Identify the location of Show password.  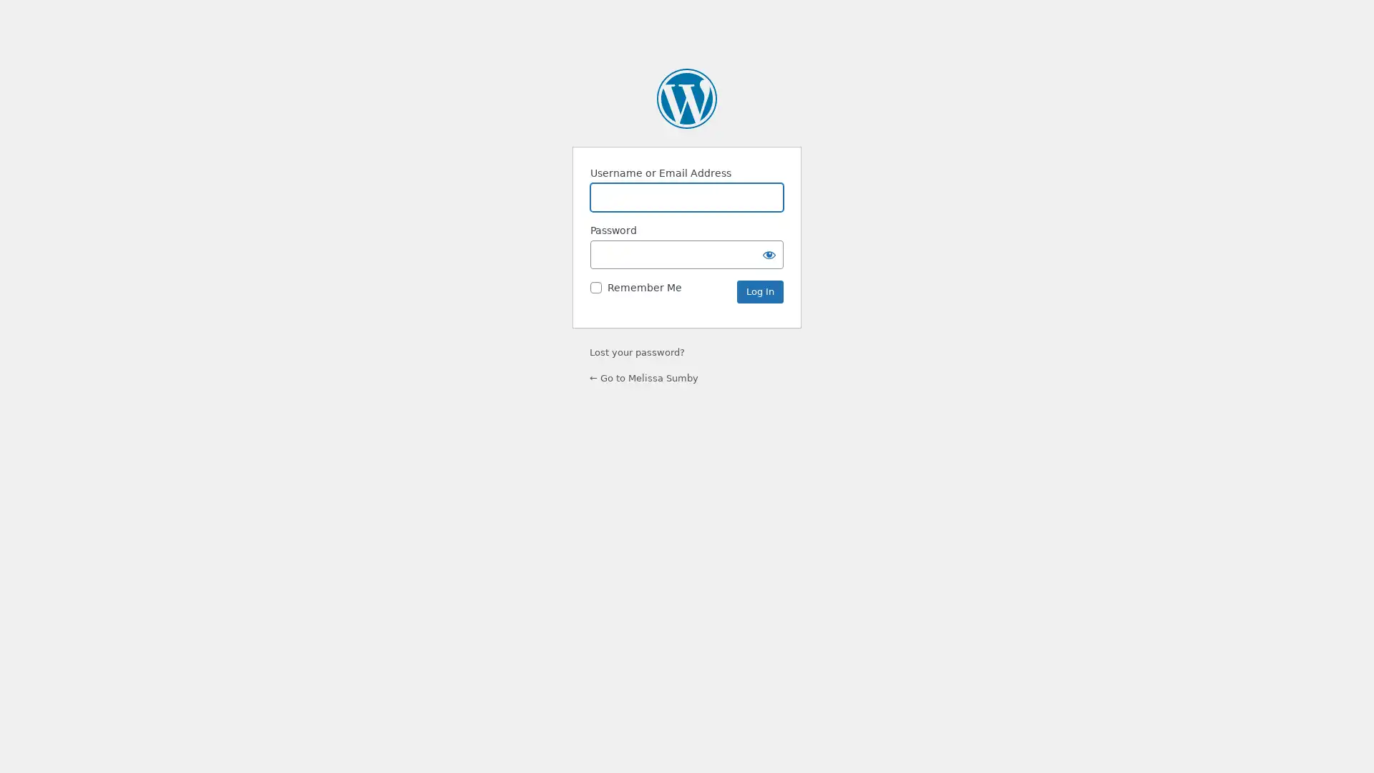
(769, 253).